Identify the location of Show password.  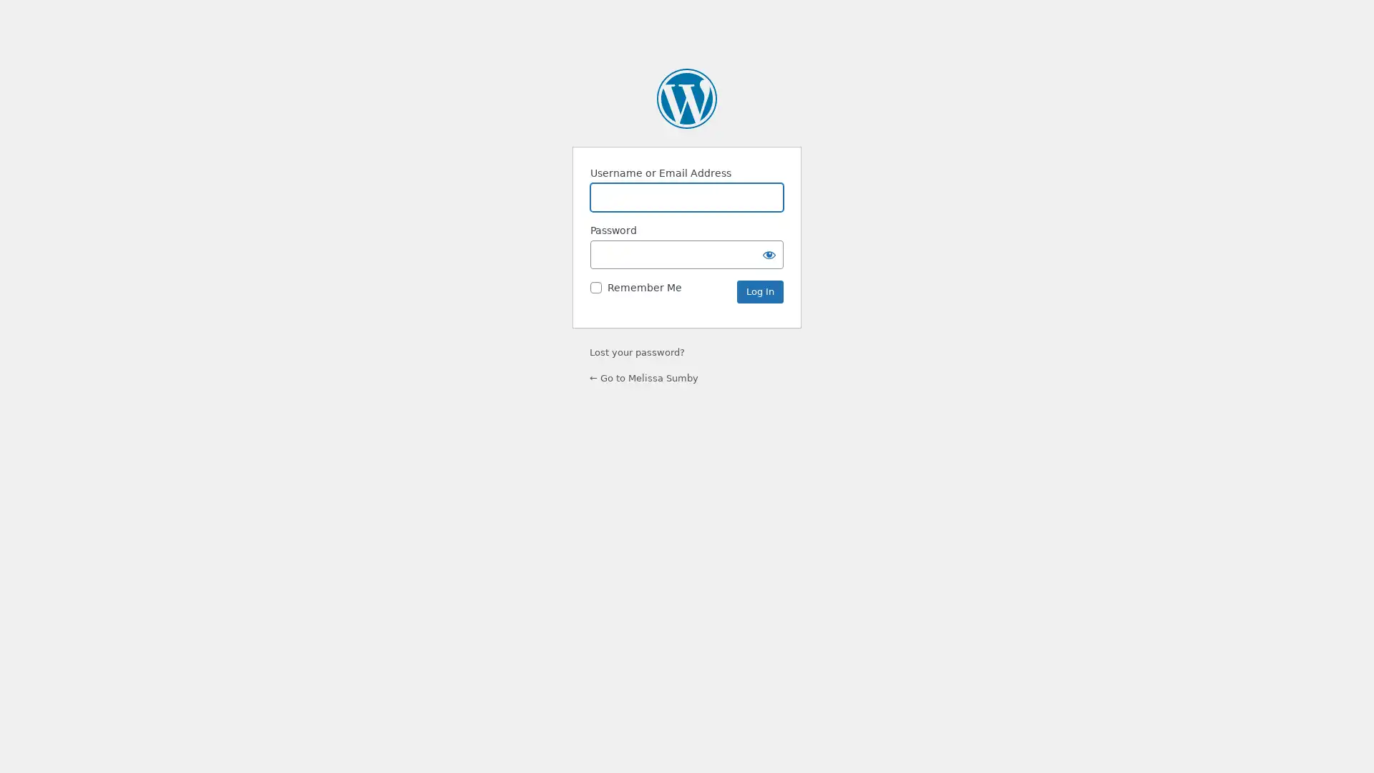
(769, 253).